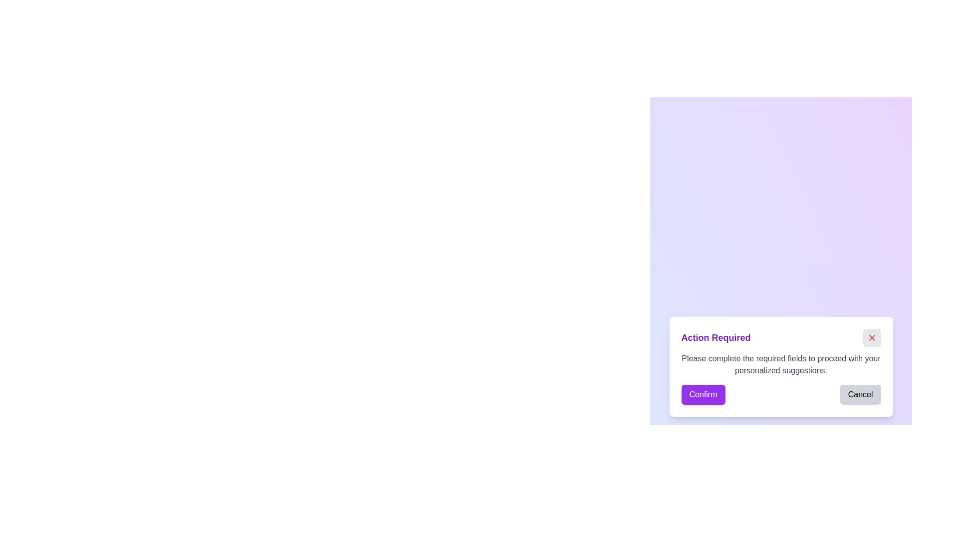 The height and width of the screenshot is (539, 958). What do you see at coordinates (871, 337) in the screenshot?
I see `the red 'X' icon button located in the top-right corner of the 'Action Required' modal dialog` at bounding box center [871, 337].